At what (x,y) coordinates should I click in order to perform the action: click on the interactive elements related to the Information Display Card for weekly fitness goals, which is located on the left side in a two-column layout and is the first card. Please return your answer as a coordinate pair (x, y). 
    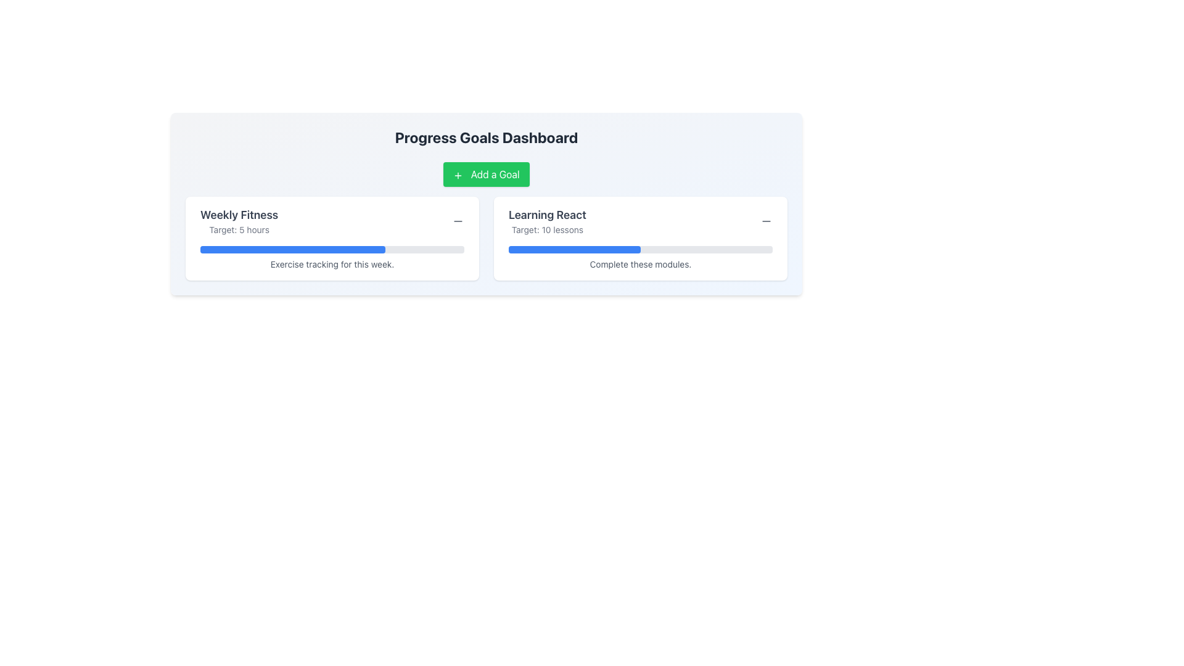
    Looking at the image, I should click on (332, 238).